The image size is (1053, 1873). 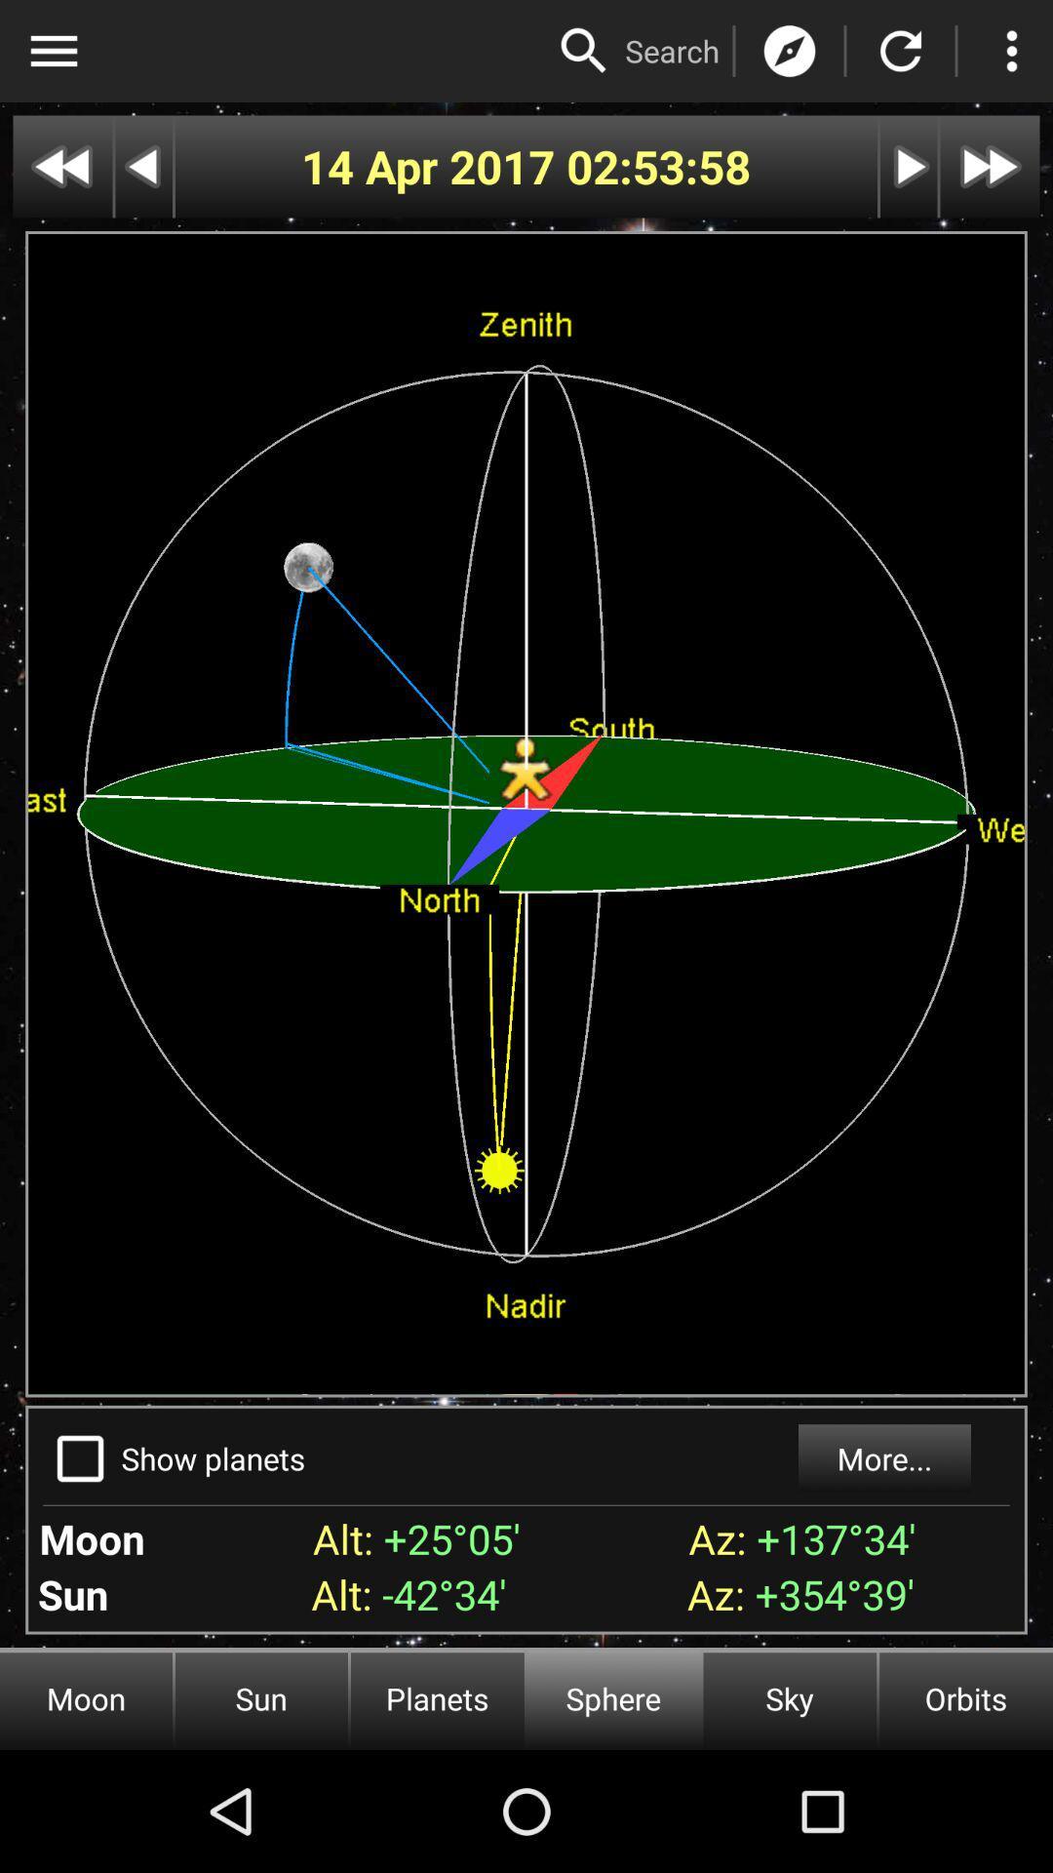 I want to click on forward, so click(x=909, y=167).